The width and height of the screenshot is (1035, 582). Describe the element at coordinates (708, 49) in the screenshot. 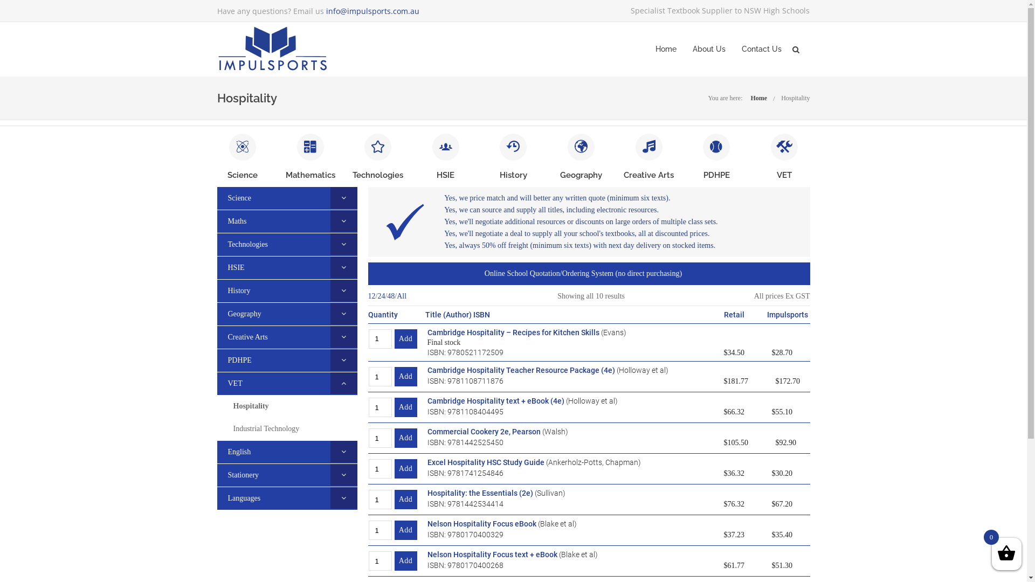

I see `'About Us'` at that location.